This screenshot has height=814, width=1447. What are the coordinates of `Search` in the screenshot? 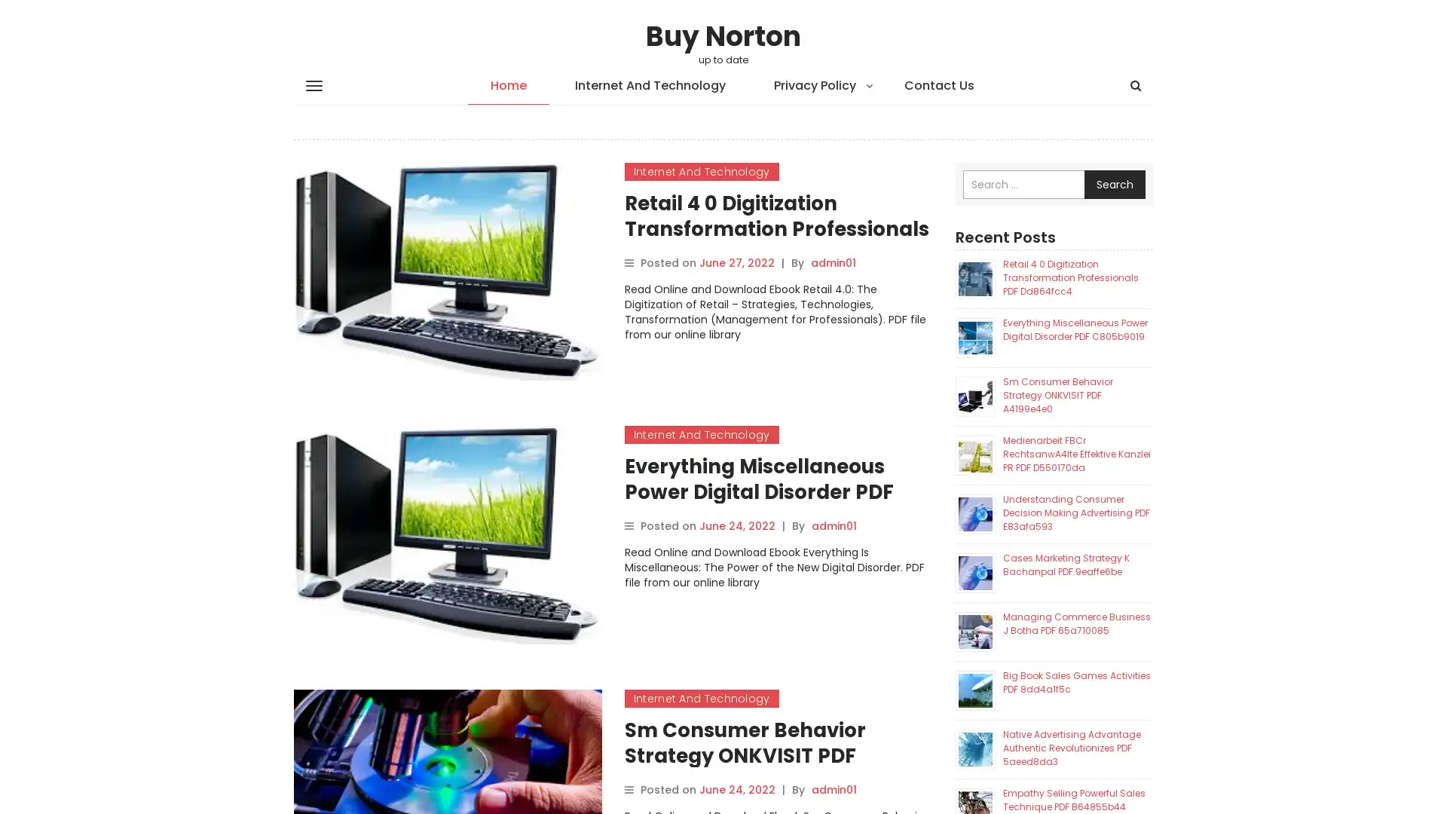 It's located at (1115, 184).